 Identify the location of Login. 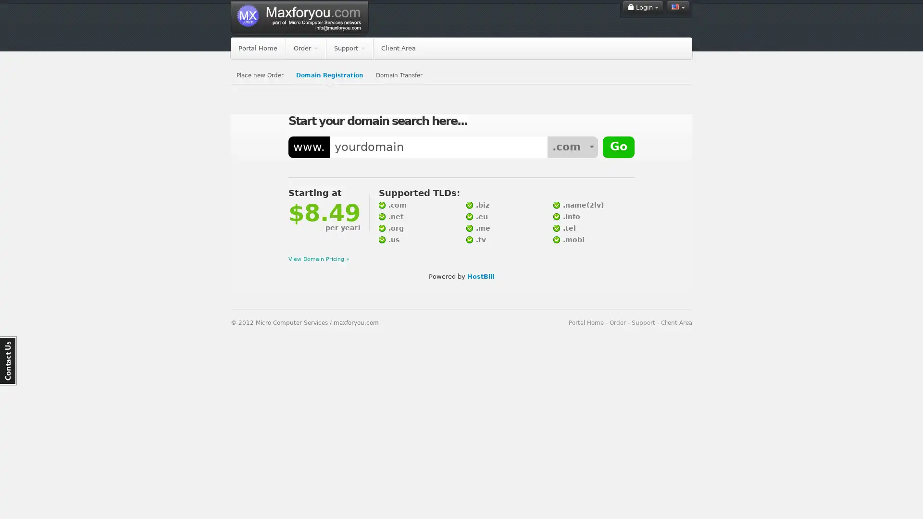
(643, 7).